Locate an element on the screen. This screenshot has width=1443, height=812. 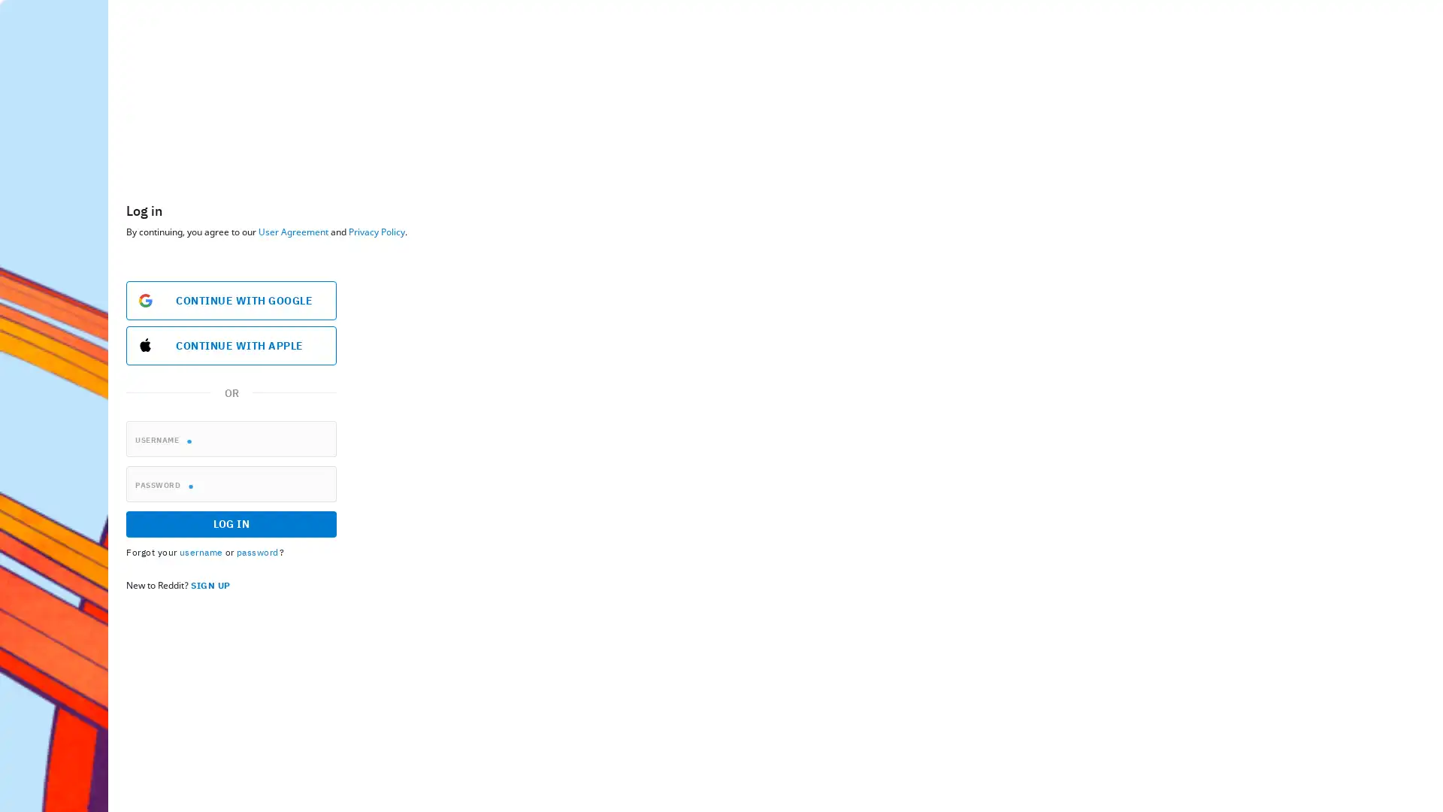
LOG IN is located at coordinates (230, 523).